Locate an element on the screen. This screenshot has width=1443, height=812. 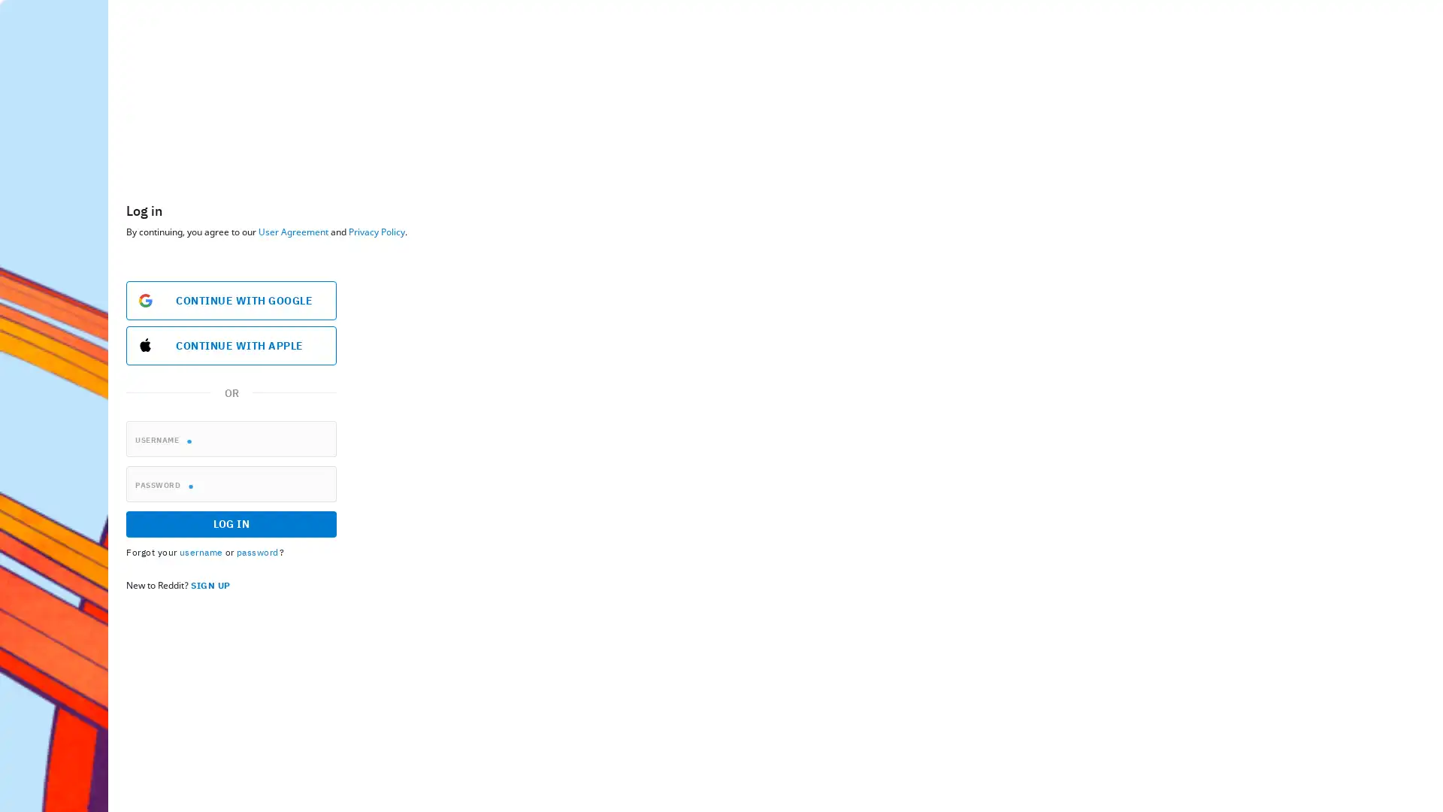
LOG IN is located at coordinates (230, 523).